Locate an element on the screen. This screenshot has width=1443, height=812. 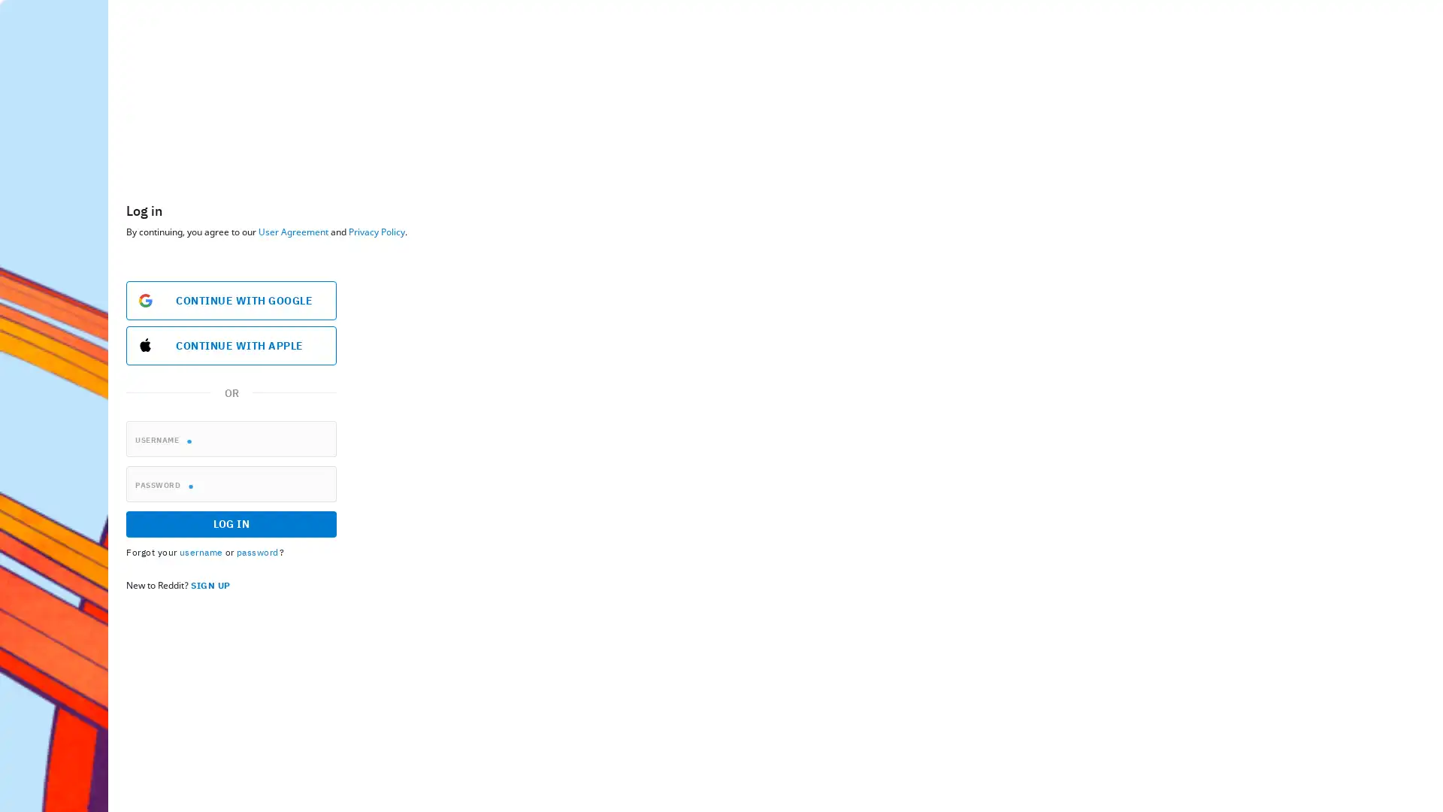
LOG IN is located at coordinates (230, 523).